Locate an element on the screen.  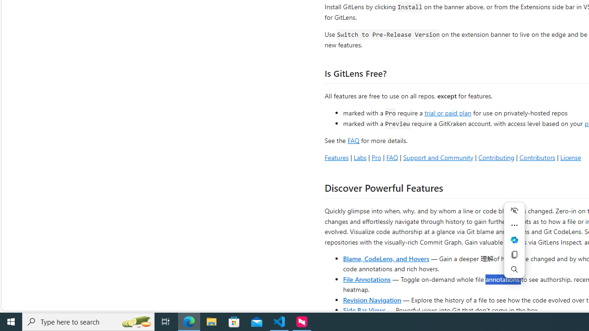
'File Annotations' is located at coordinates (366, 278).